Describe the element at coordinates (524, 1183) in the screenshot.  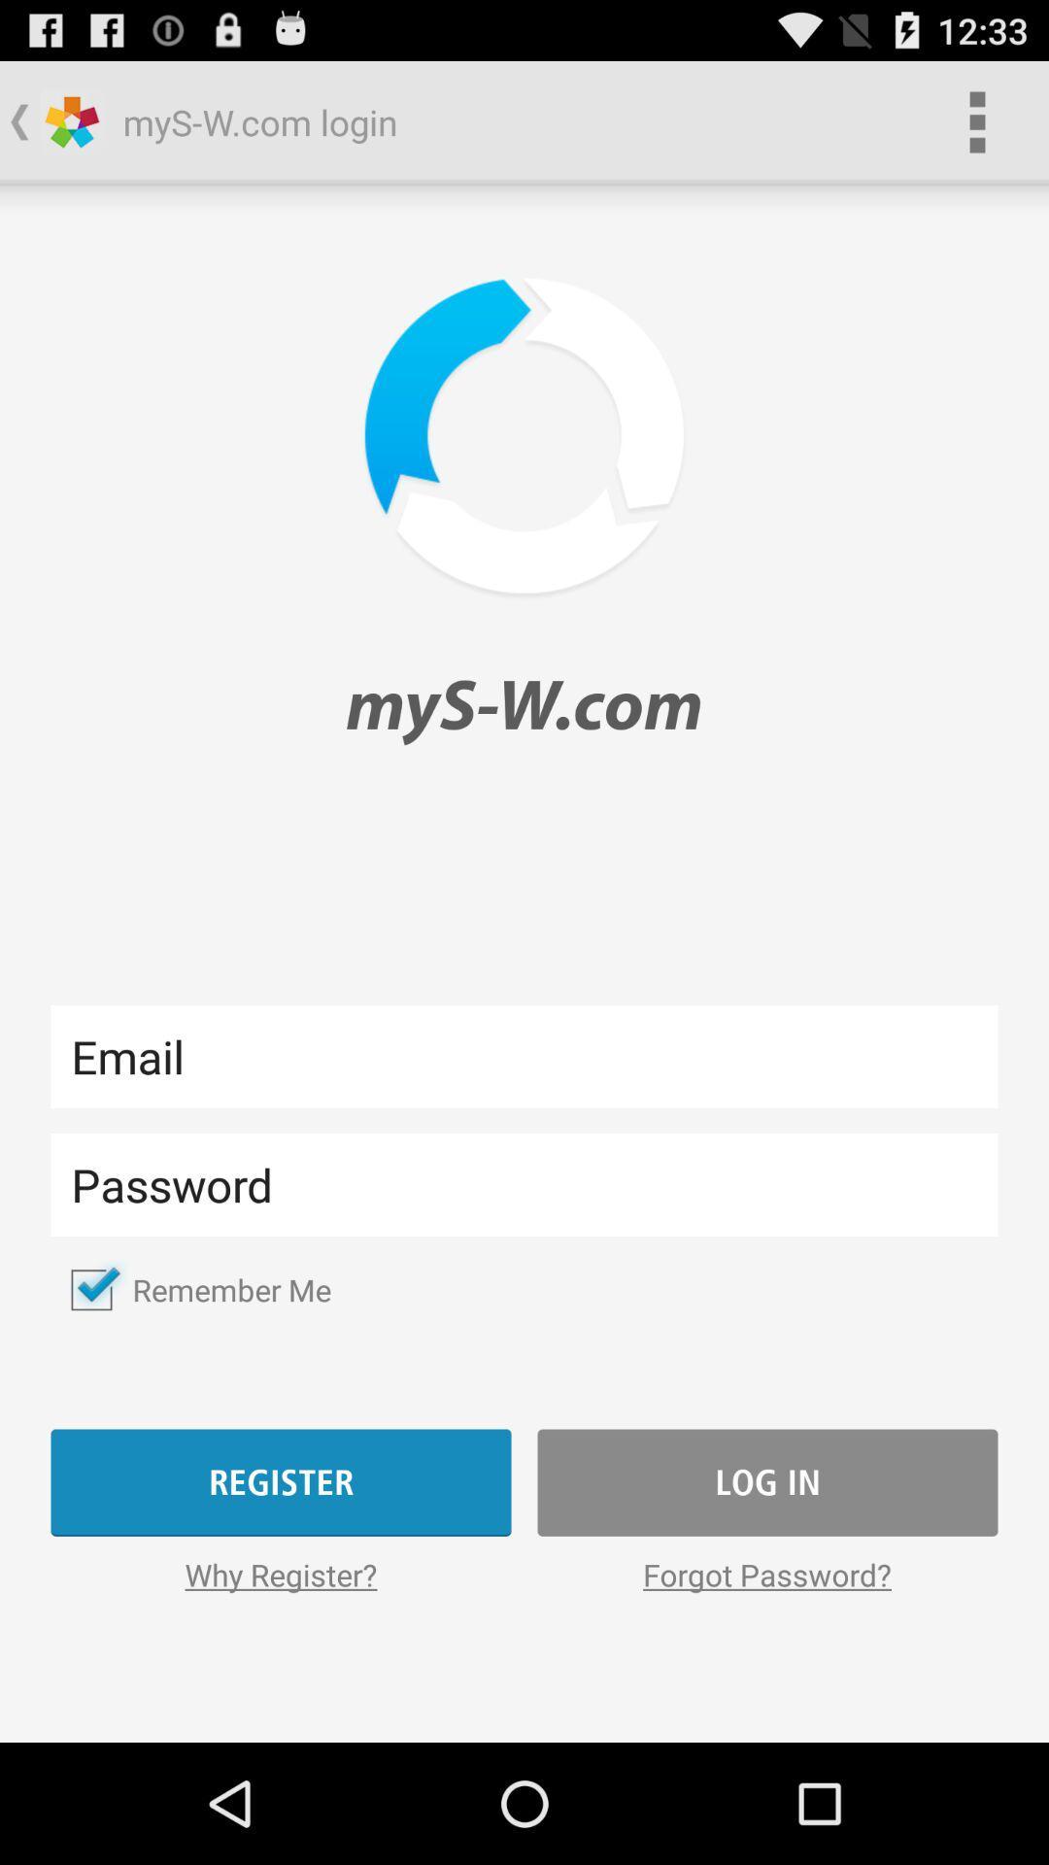
I see `the password` at that location.